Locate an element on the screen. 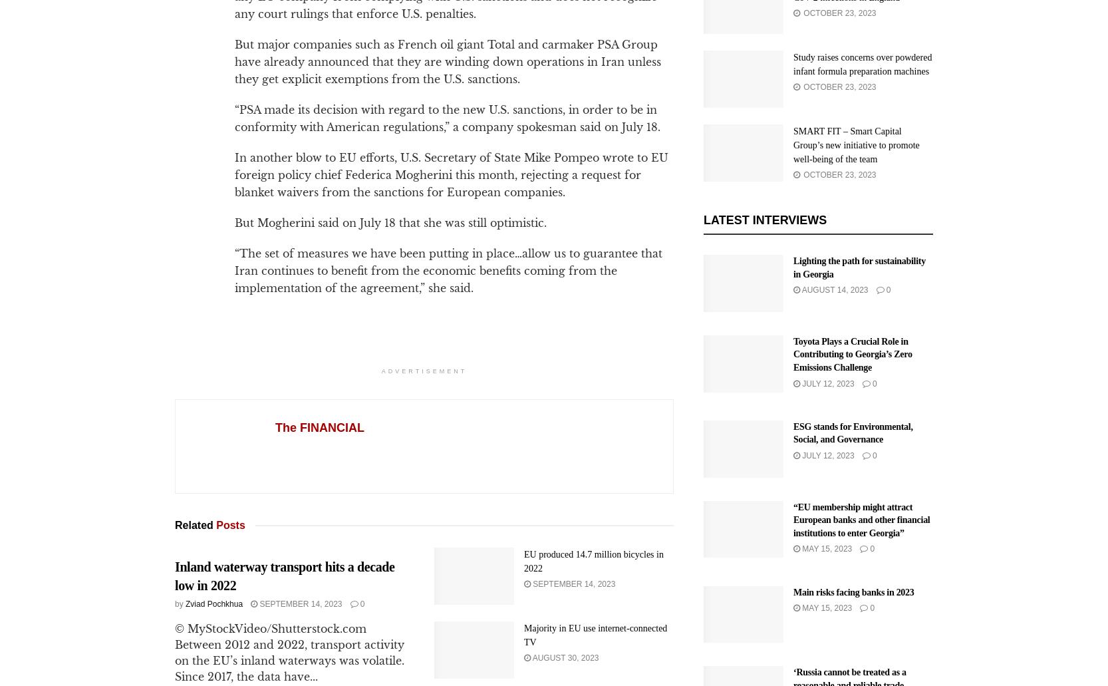  'LATEST INTERVIEWS' is located at coordinates (764, 219).